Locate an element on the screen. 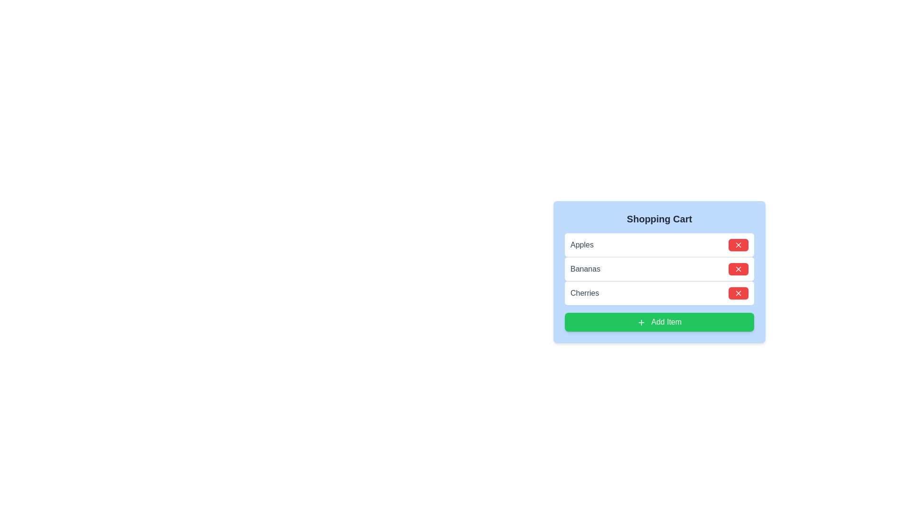 This screenshot has width=909, height=511. the bright green 'Add Item' button with white text and a plus icon, located at the bottom of the 'Shopping Cart' group, for keyboard interaction is located at coordinates (659, 322).